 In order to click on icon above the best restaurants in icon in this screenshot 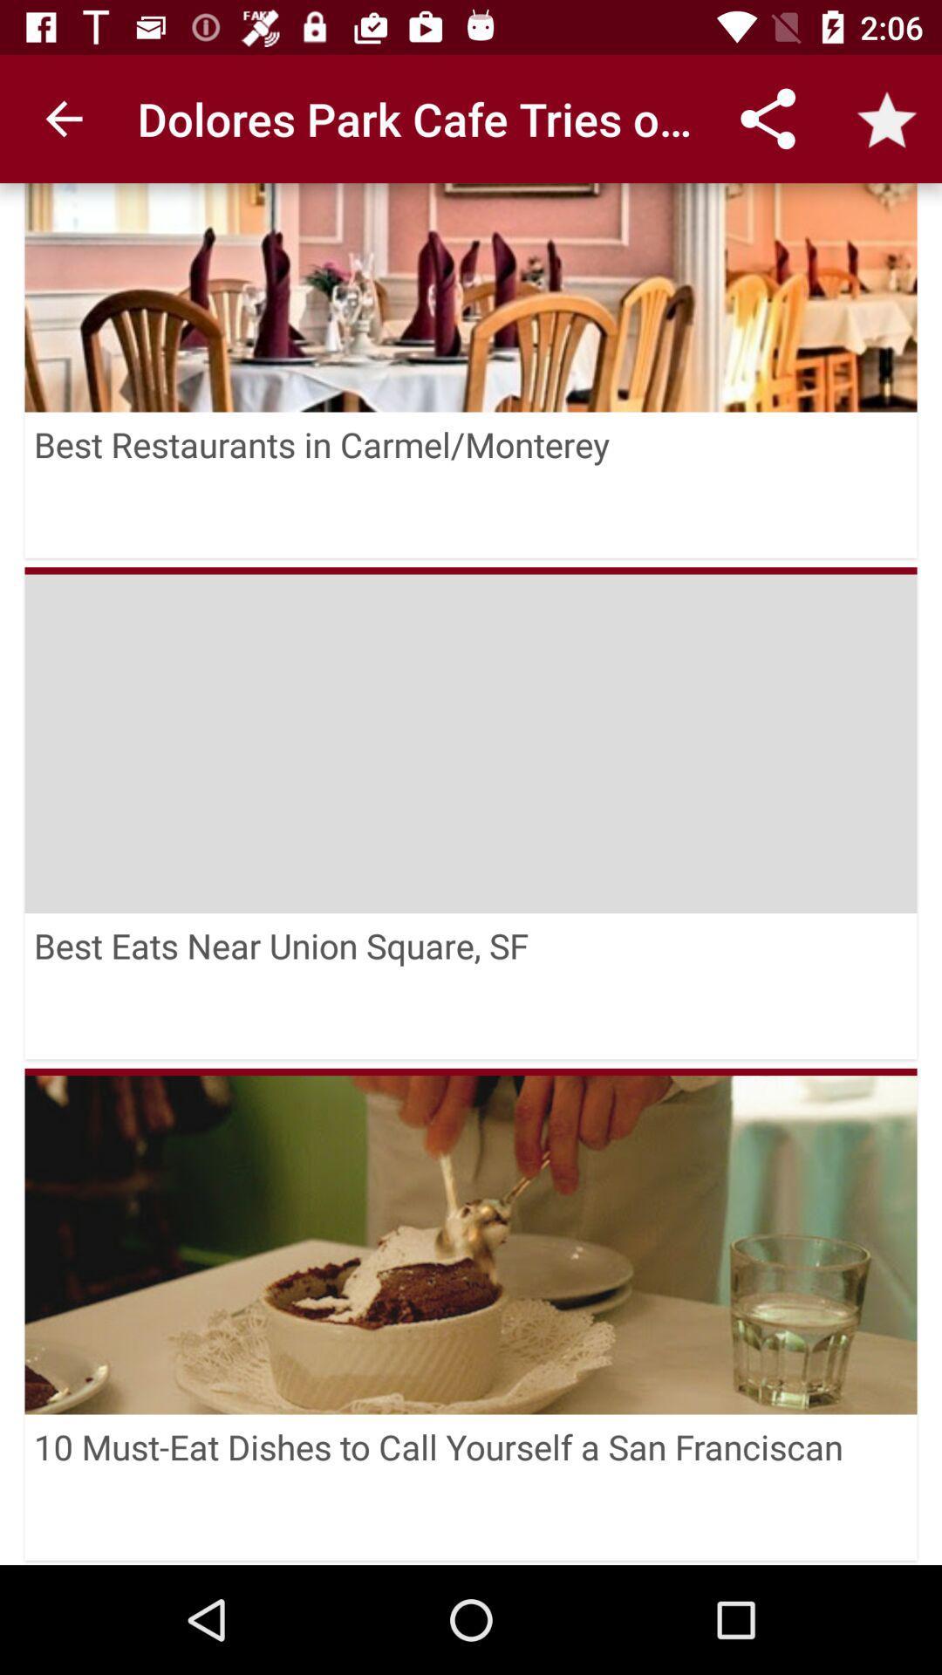, I will do `click(471, 297)`.